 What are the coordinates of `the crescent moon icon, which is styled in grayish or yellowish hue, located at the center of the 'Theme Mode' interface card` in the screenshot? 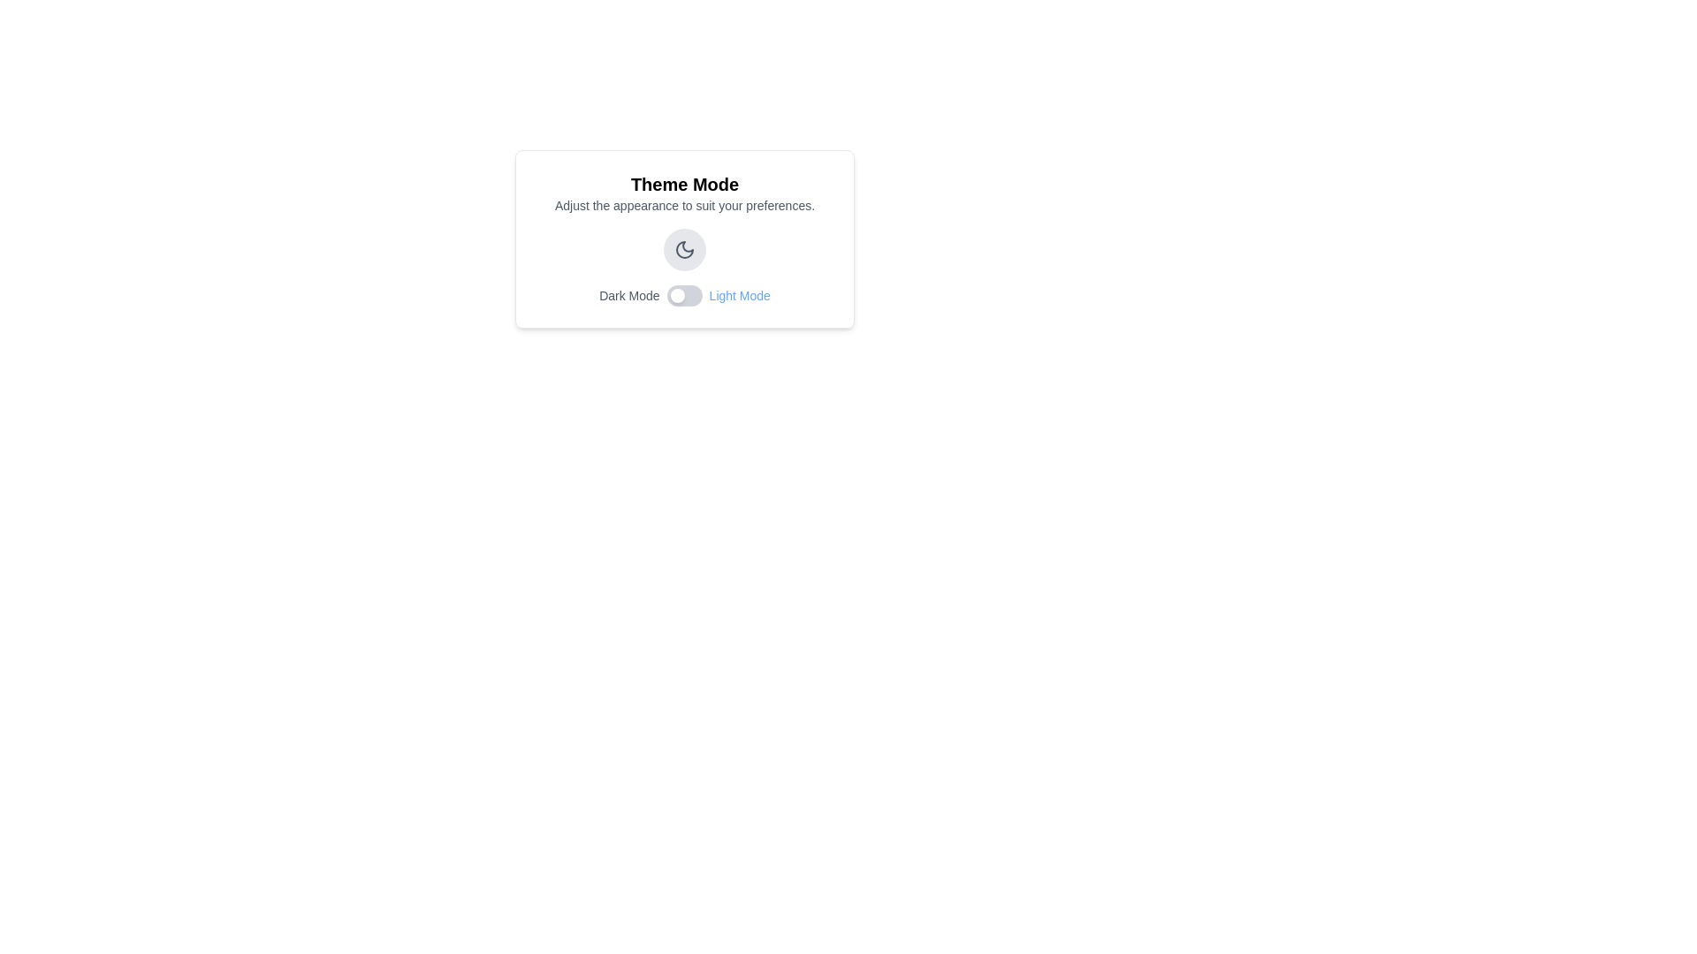 It's located at (683, 249).